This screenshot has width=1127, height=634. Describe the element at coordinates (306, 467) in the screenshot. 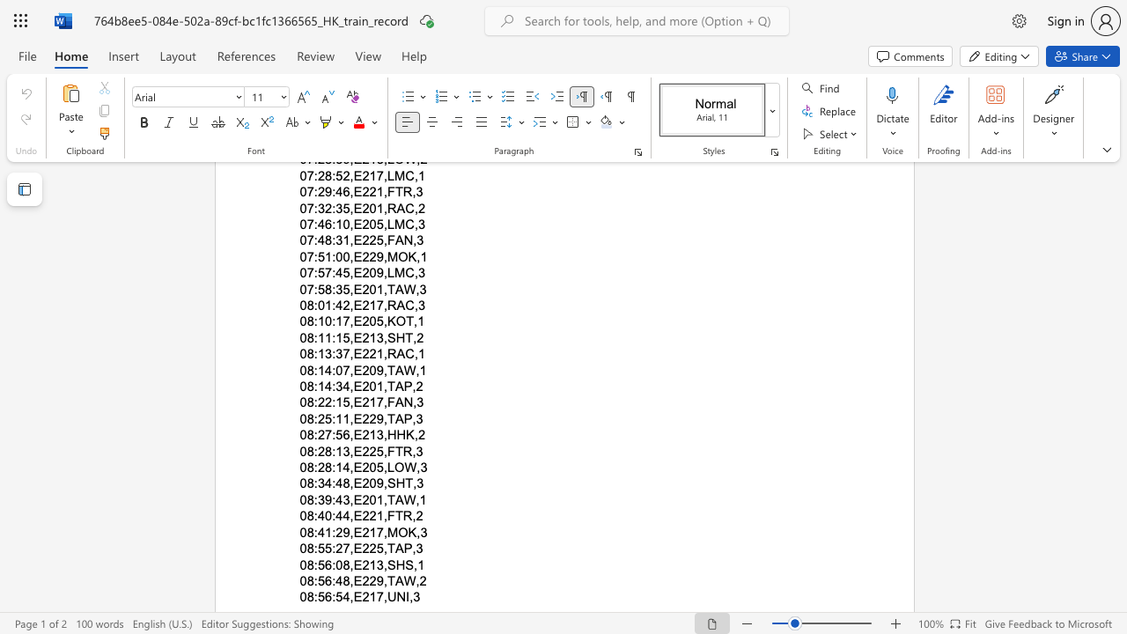

I see `the space between the continuous character "0" and "8" in the text` at that location.